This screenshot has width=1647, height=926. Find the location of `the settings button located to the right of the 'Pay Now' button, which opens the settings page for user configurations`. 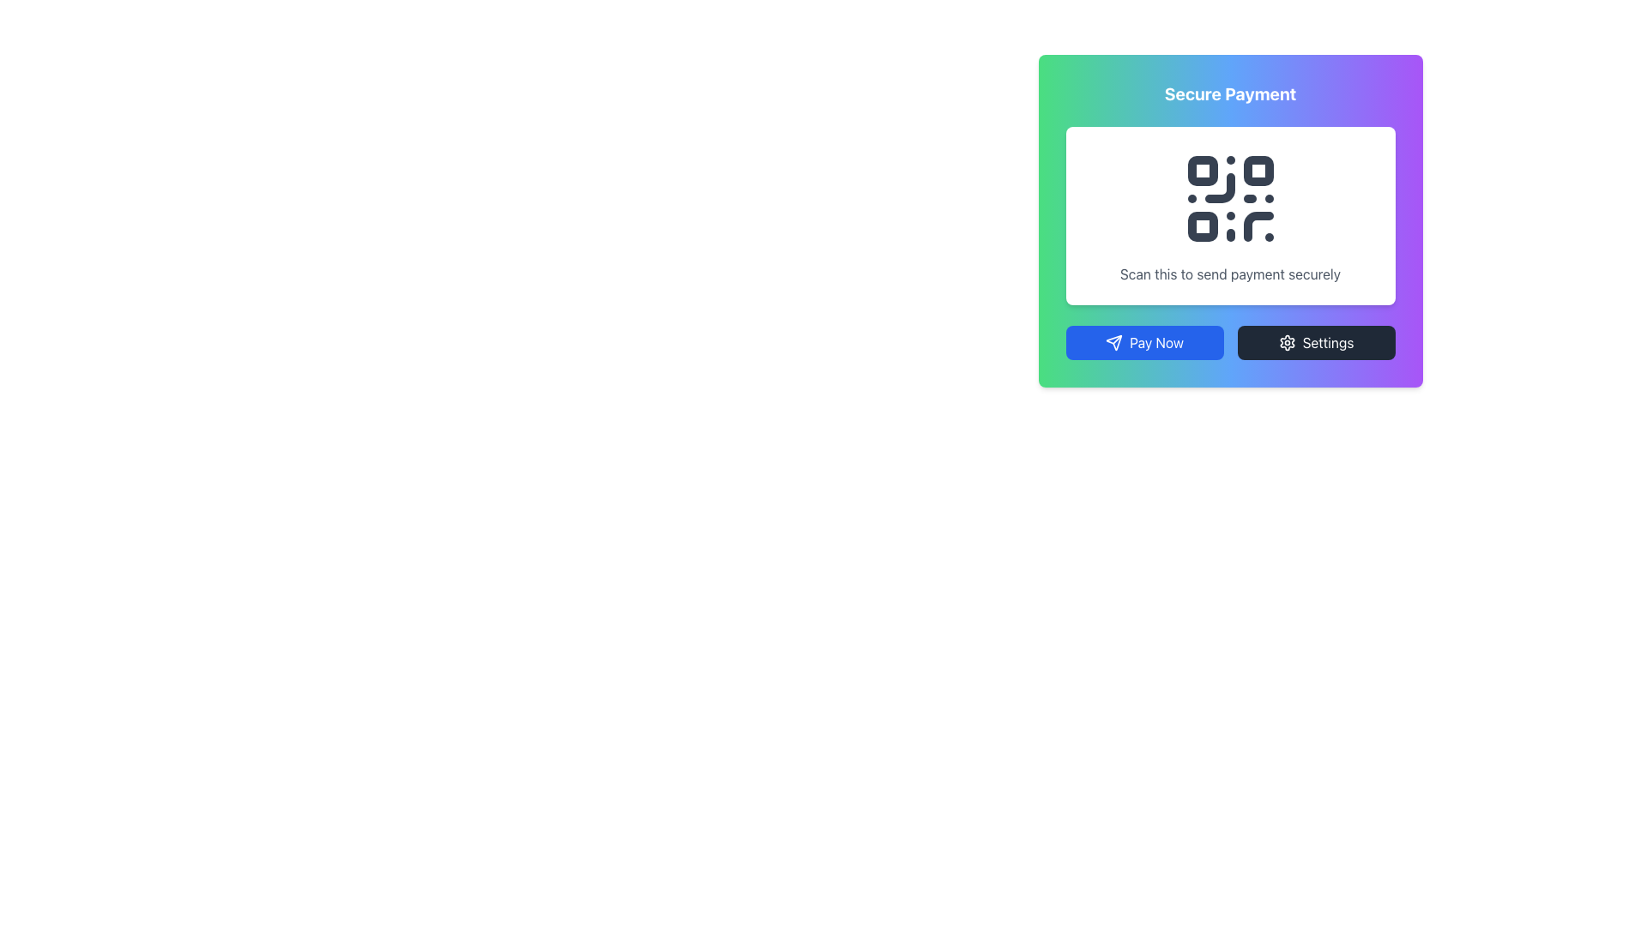

the settings button located to the right of the 'Pay Now' button, which opens the settings page for user configurations is located at coordinates (1315, 343).